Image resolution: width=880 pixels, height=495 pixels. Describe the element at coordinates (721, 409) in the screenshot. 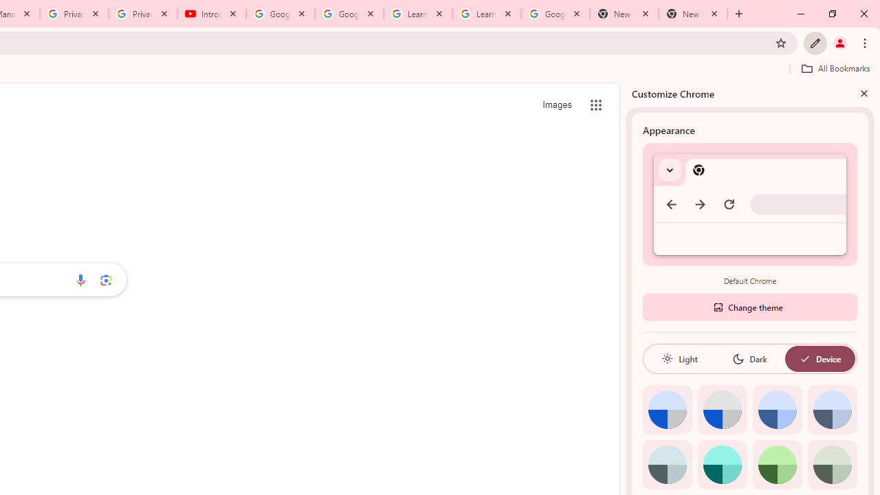

I see `'Grey default color'` at that location.